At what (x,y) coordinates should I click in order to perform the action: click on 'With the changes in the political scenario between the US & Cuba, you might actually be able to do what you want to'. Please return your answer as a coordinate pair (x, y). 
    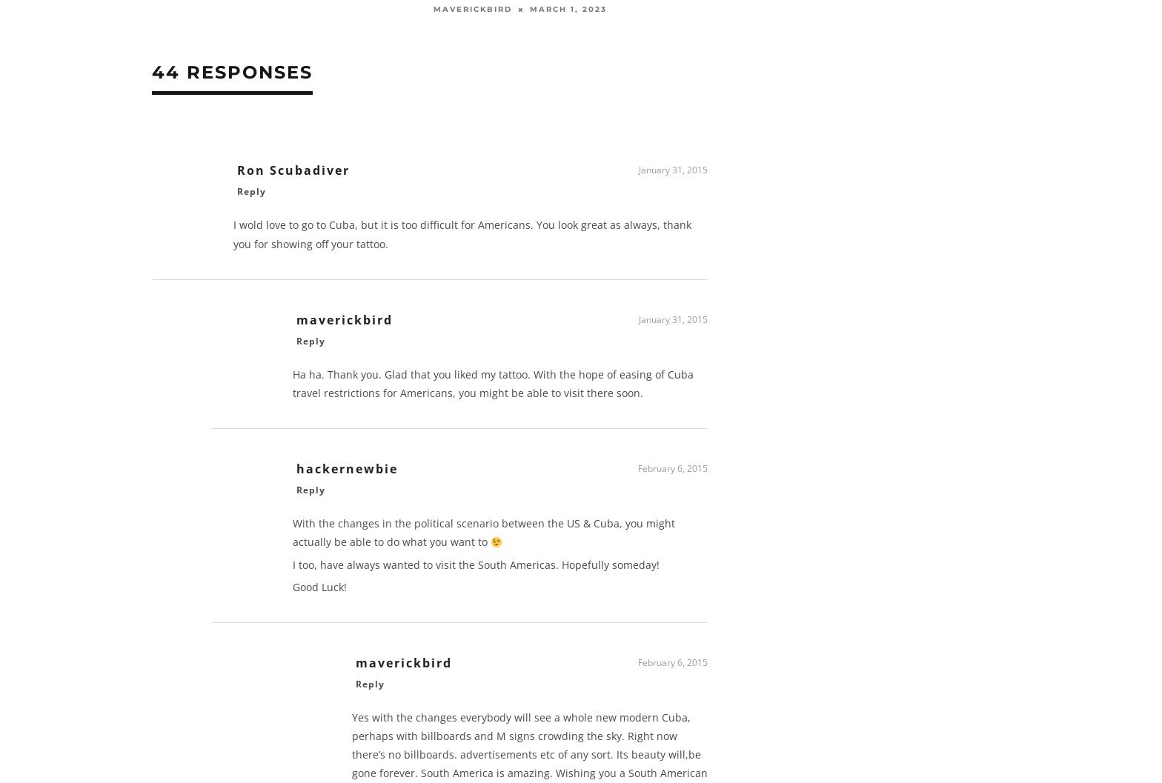
    Looking at the image, I should click on (484, 536).